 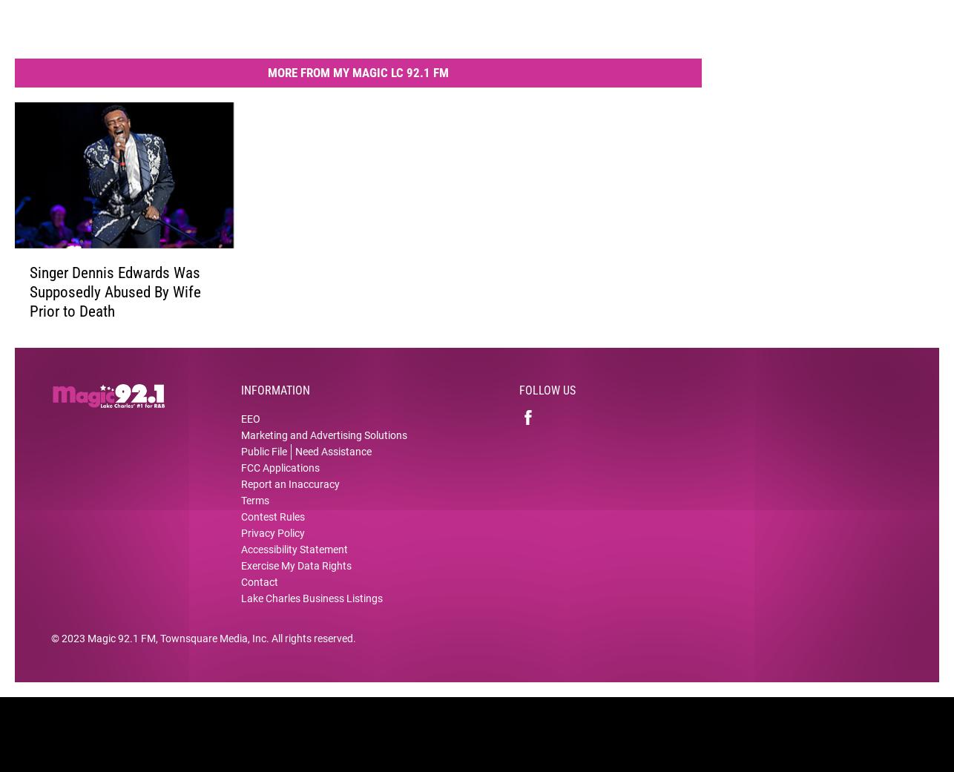 I want to click on 'Report an Inaccuracy', so click(x=289, y=493).